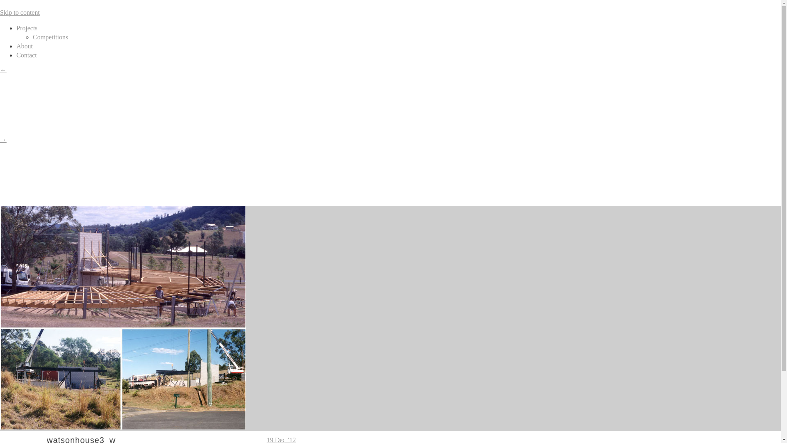 The height and width of the screenshot is (443, 787). I want to click on 'Contact', so click(27, 55).